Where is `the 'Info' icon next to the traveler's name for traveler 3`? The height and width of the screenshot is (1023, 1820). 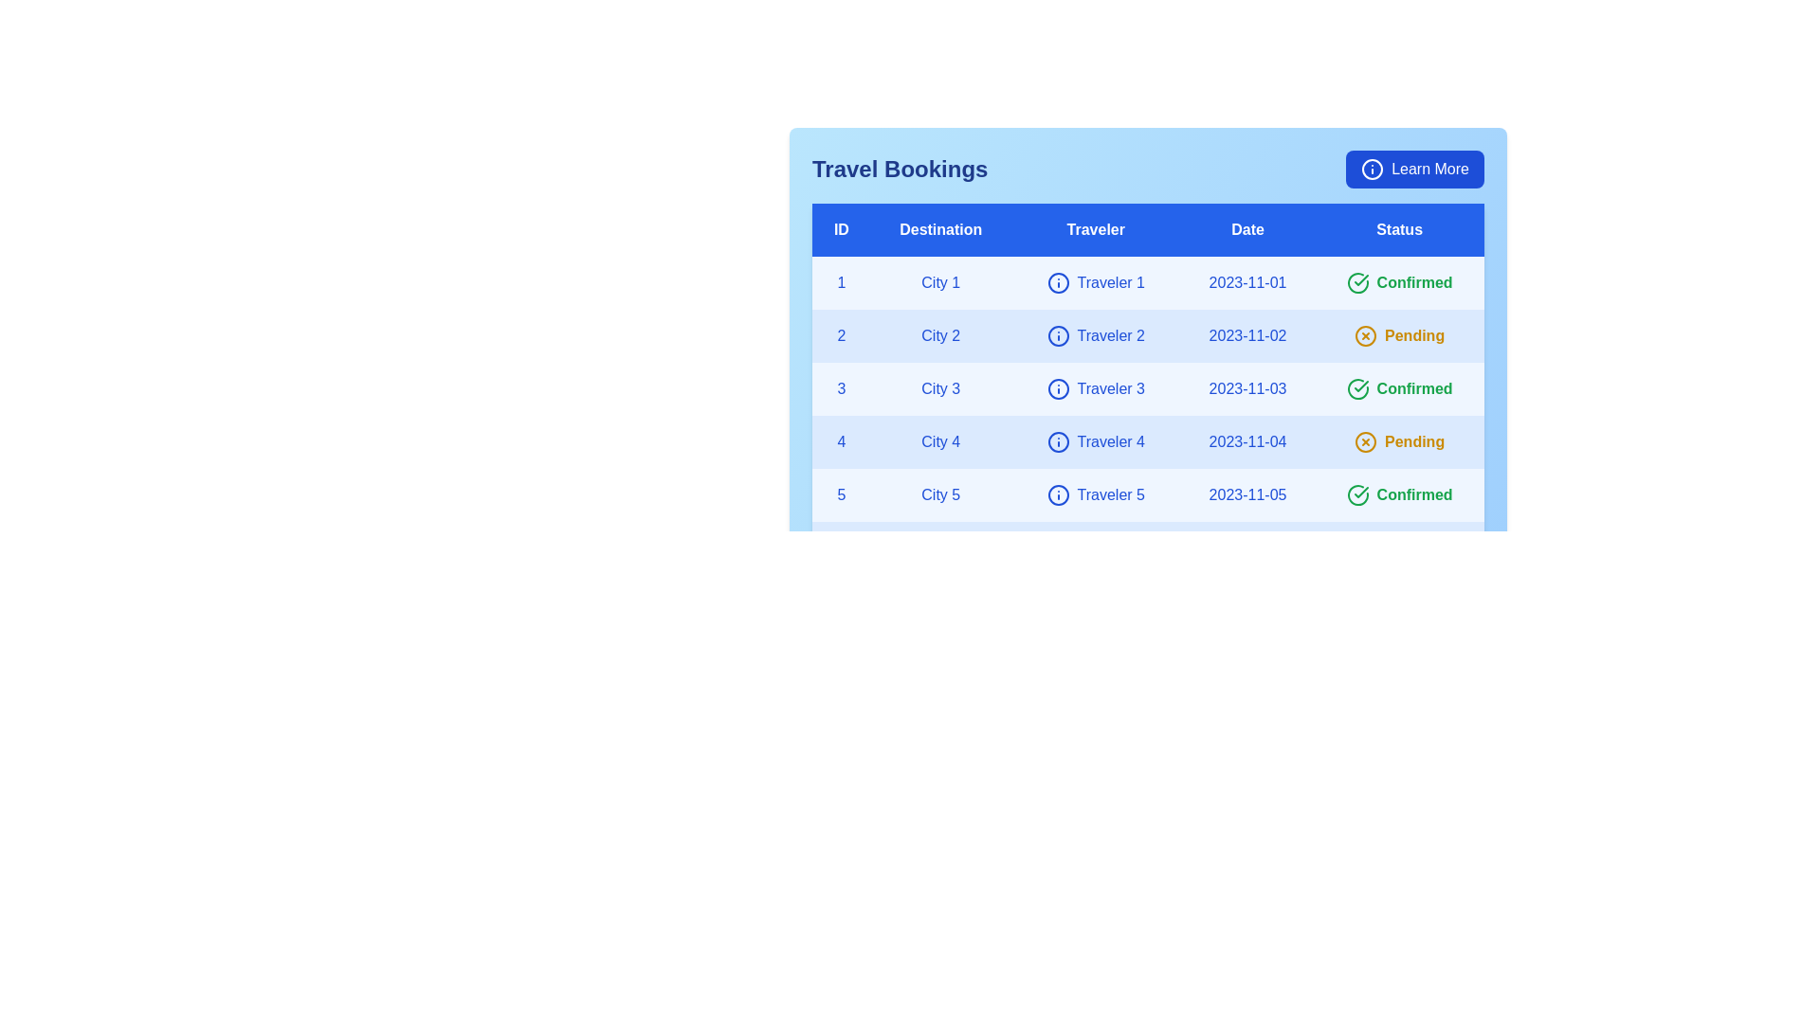
the 'Info' icon next to the traveler's name for traveler 3 is located at coordinates (1057, 388).